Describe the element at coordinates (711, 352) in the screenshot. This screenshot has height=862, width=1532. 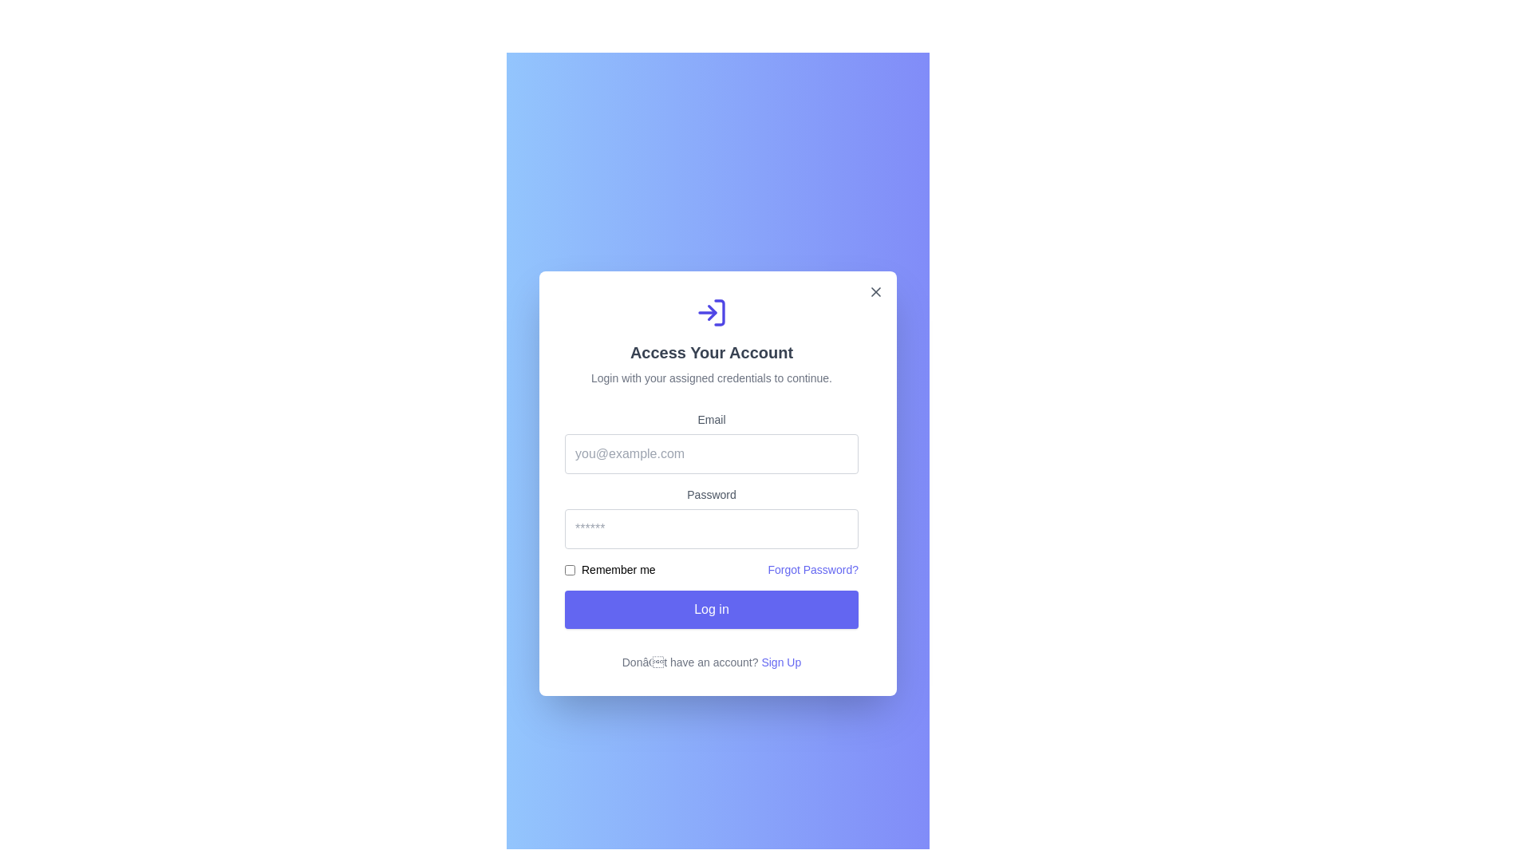
I see `the text label stating 'Access Your Account', which is centrally aligned and styled with a larger font size in dark gray` at that location.